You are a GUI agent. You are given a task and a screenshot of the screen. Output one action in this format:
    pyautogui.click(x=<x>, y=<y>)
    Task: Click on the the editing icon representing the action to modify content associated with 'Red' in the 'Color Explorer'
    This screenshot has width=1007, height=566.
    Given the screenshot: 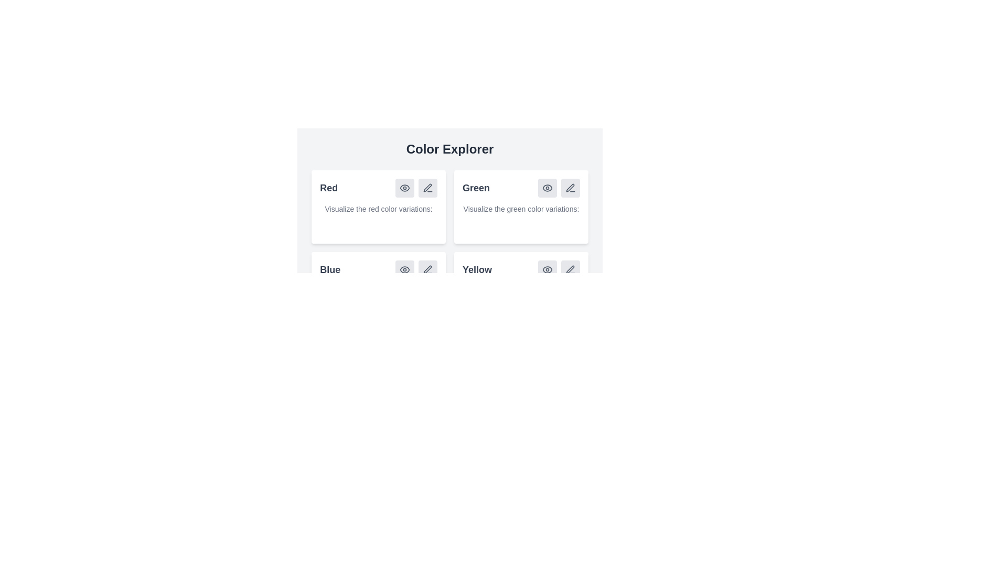 What is the action you would take?
    pyautogui.click(x=427, y=187)
    